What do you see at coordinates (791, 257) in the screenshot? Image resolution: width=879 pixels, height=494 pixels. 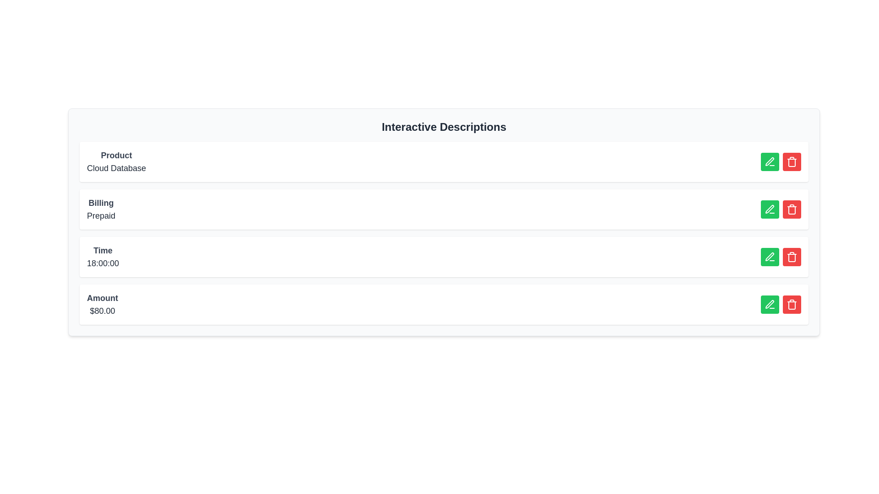 I see `the red button with rounded corners and a white trash can icon located on the far-right of a pair of buttons` at bounding box center [791, 257].